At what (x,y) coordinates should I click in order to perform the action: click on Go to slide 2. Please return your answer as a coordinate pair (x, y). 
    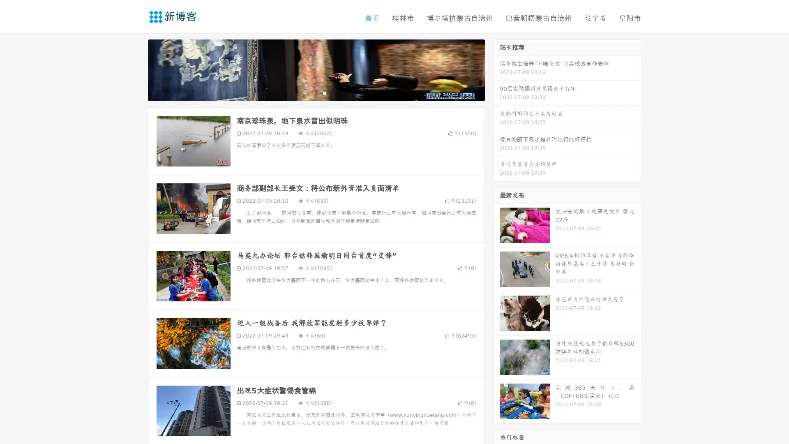
    Looking at the image, I should click on (316, 92).